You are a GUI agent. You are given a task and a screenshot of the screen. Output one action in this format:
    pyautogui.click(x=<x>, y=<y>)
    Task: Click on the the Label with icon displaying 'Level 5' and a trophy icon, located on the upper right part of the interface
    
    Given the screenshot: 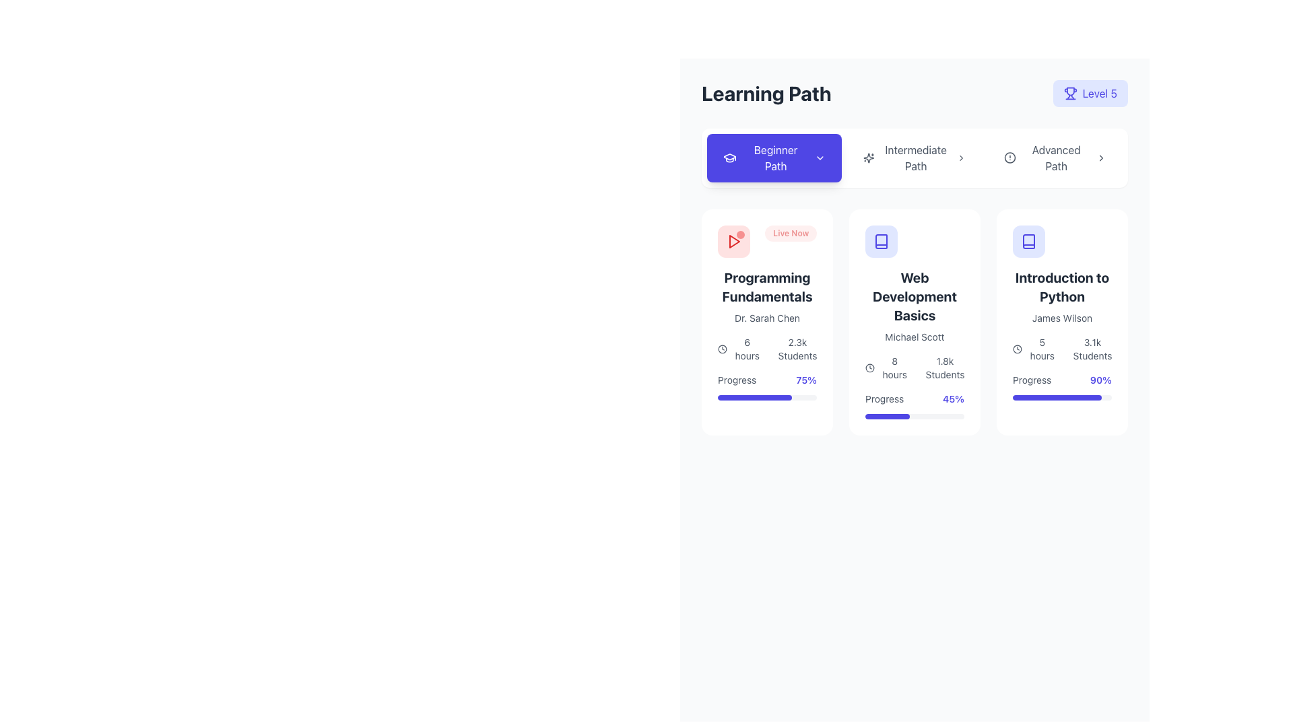 What is the action you would take?
    pyautogui.click(x=1090, y=92)
    